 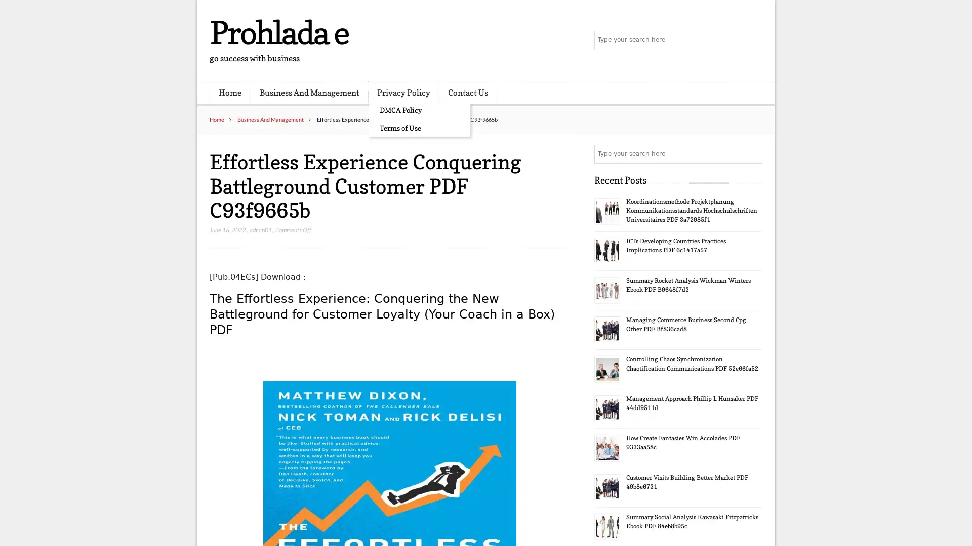 What do you see at coordinates (752, 40) in the screenshot?
I see `Search` at bounding box center [752, 40].